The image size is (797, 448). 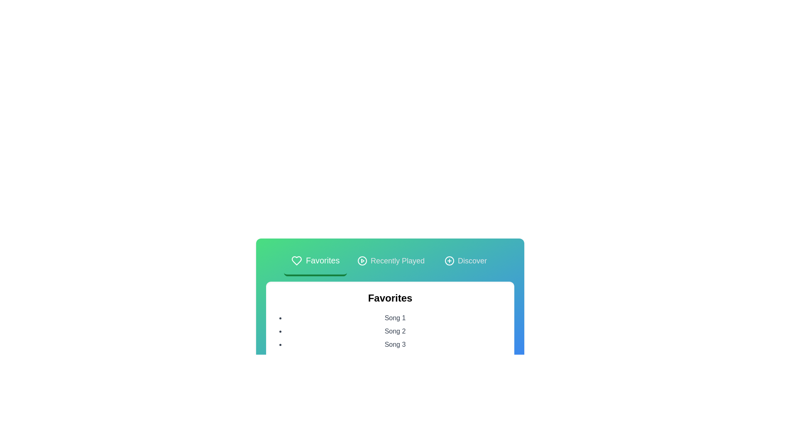 What do you see at coordinates (390, 262) in the screenshot?
I see `the tab corresponding to Recently Played` at bounding box center [390, 262].